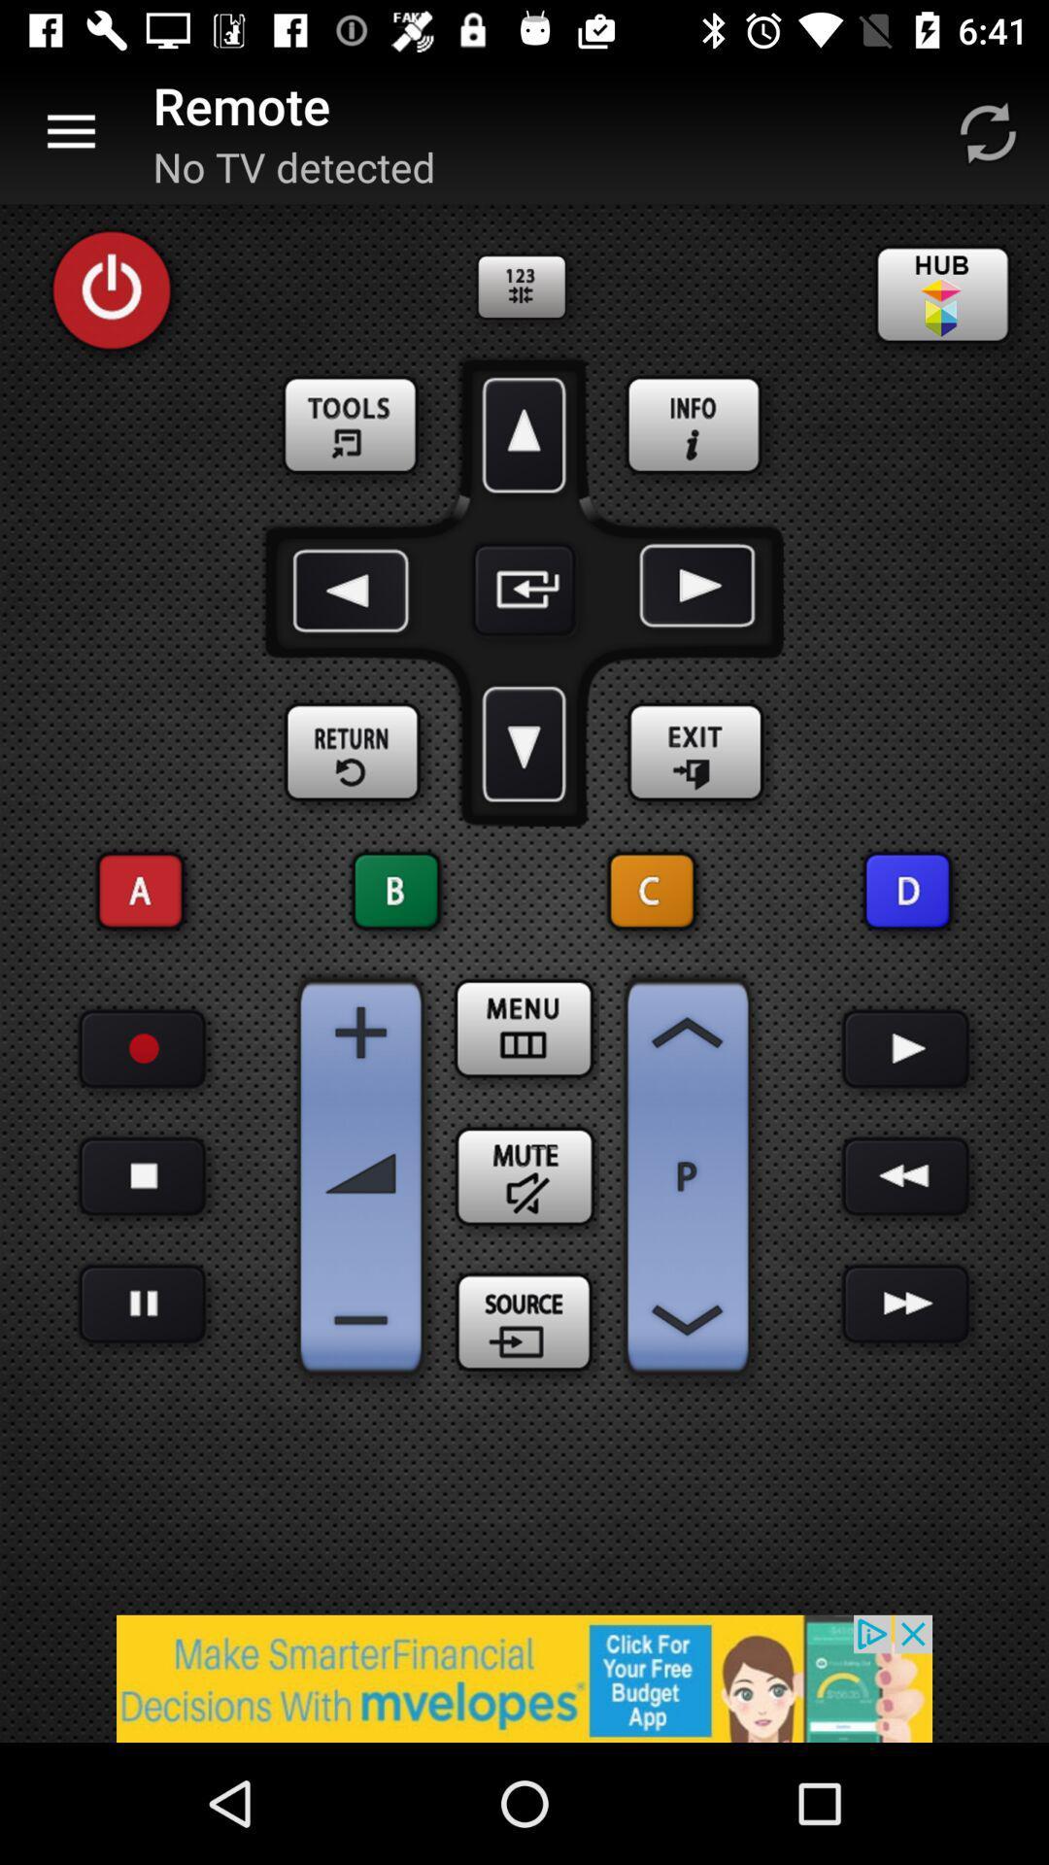 The height and width of the screenshot is (1865, 1049). Describe the element at coordinates (687, 1032) in the screenshot. I see `scroll up` at that location.